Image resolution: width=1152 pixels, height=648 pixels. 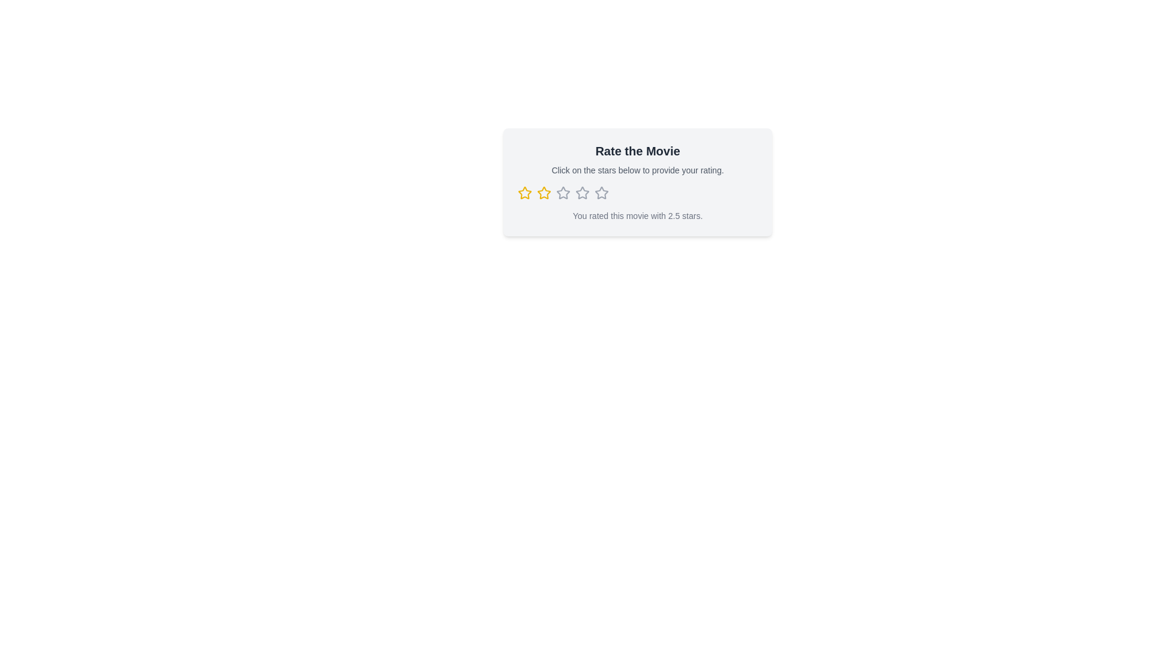 What do you see at coordinates (524, 192) in the screenshot?
I see `the first yellow star icon in the rating component` at bounding box center [524, 192].